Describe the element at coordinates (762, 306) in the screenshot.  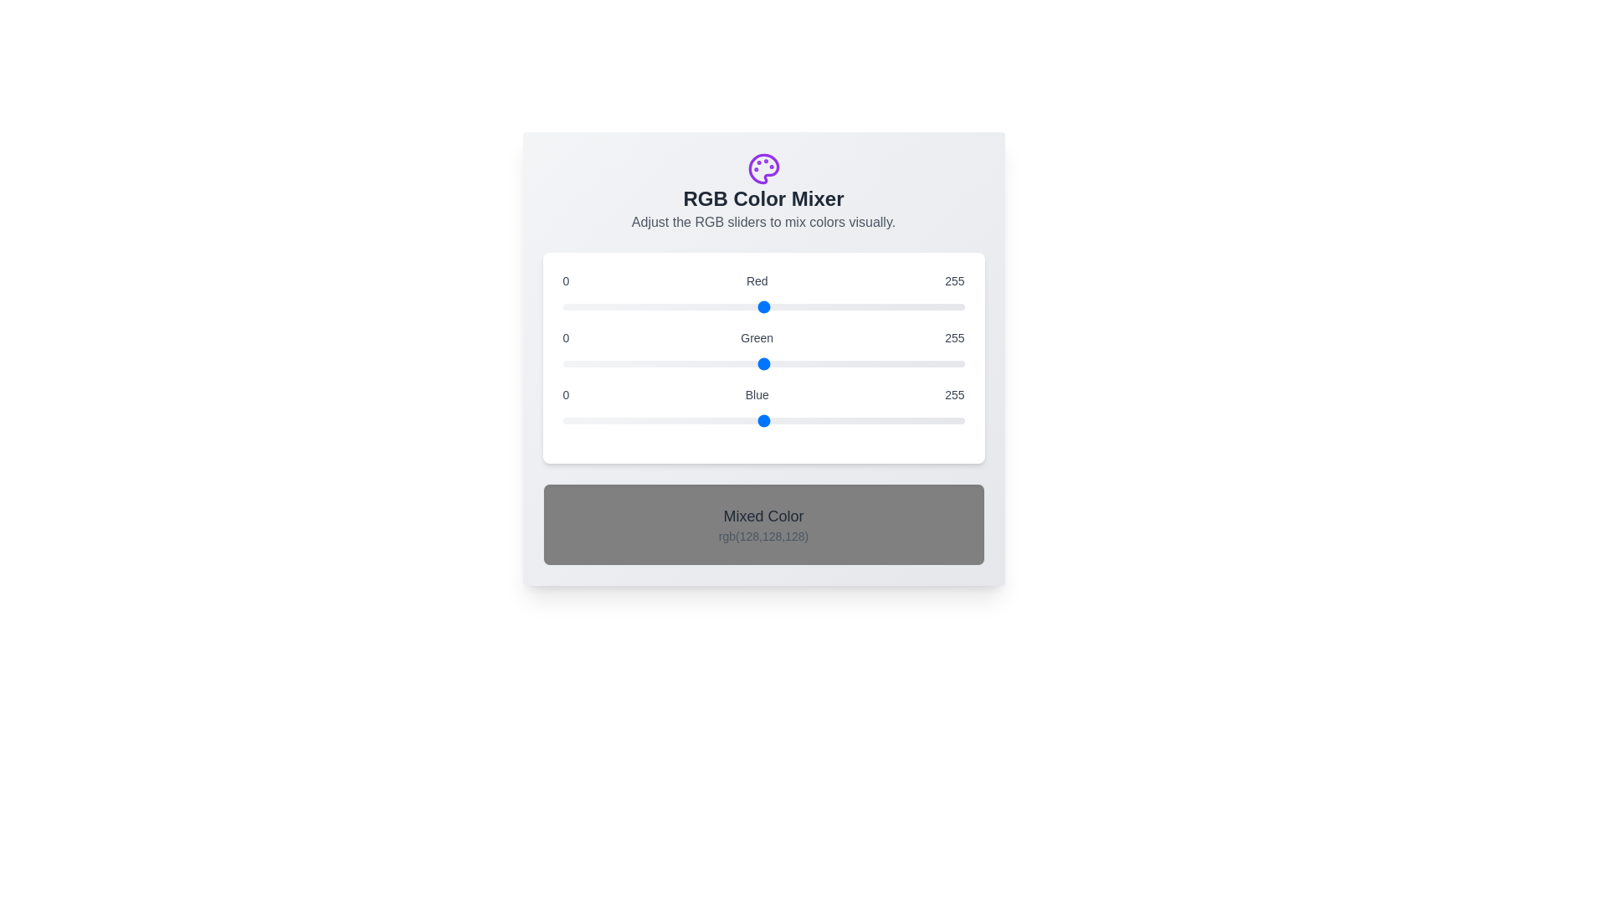
I see `the 0 slider to the value 227 to observe the resulting mixed color` at that location.